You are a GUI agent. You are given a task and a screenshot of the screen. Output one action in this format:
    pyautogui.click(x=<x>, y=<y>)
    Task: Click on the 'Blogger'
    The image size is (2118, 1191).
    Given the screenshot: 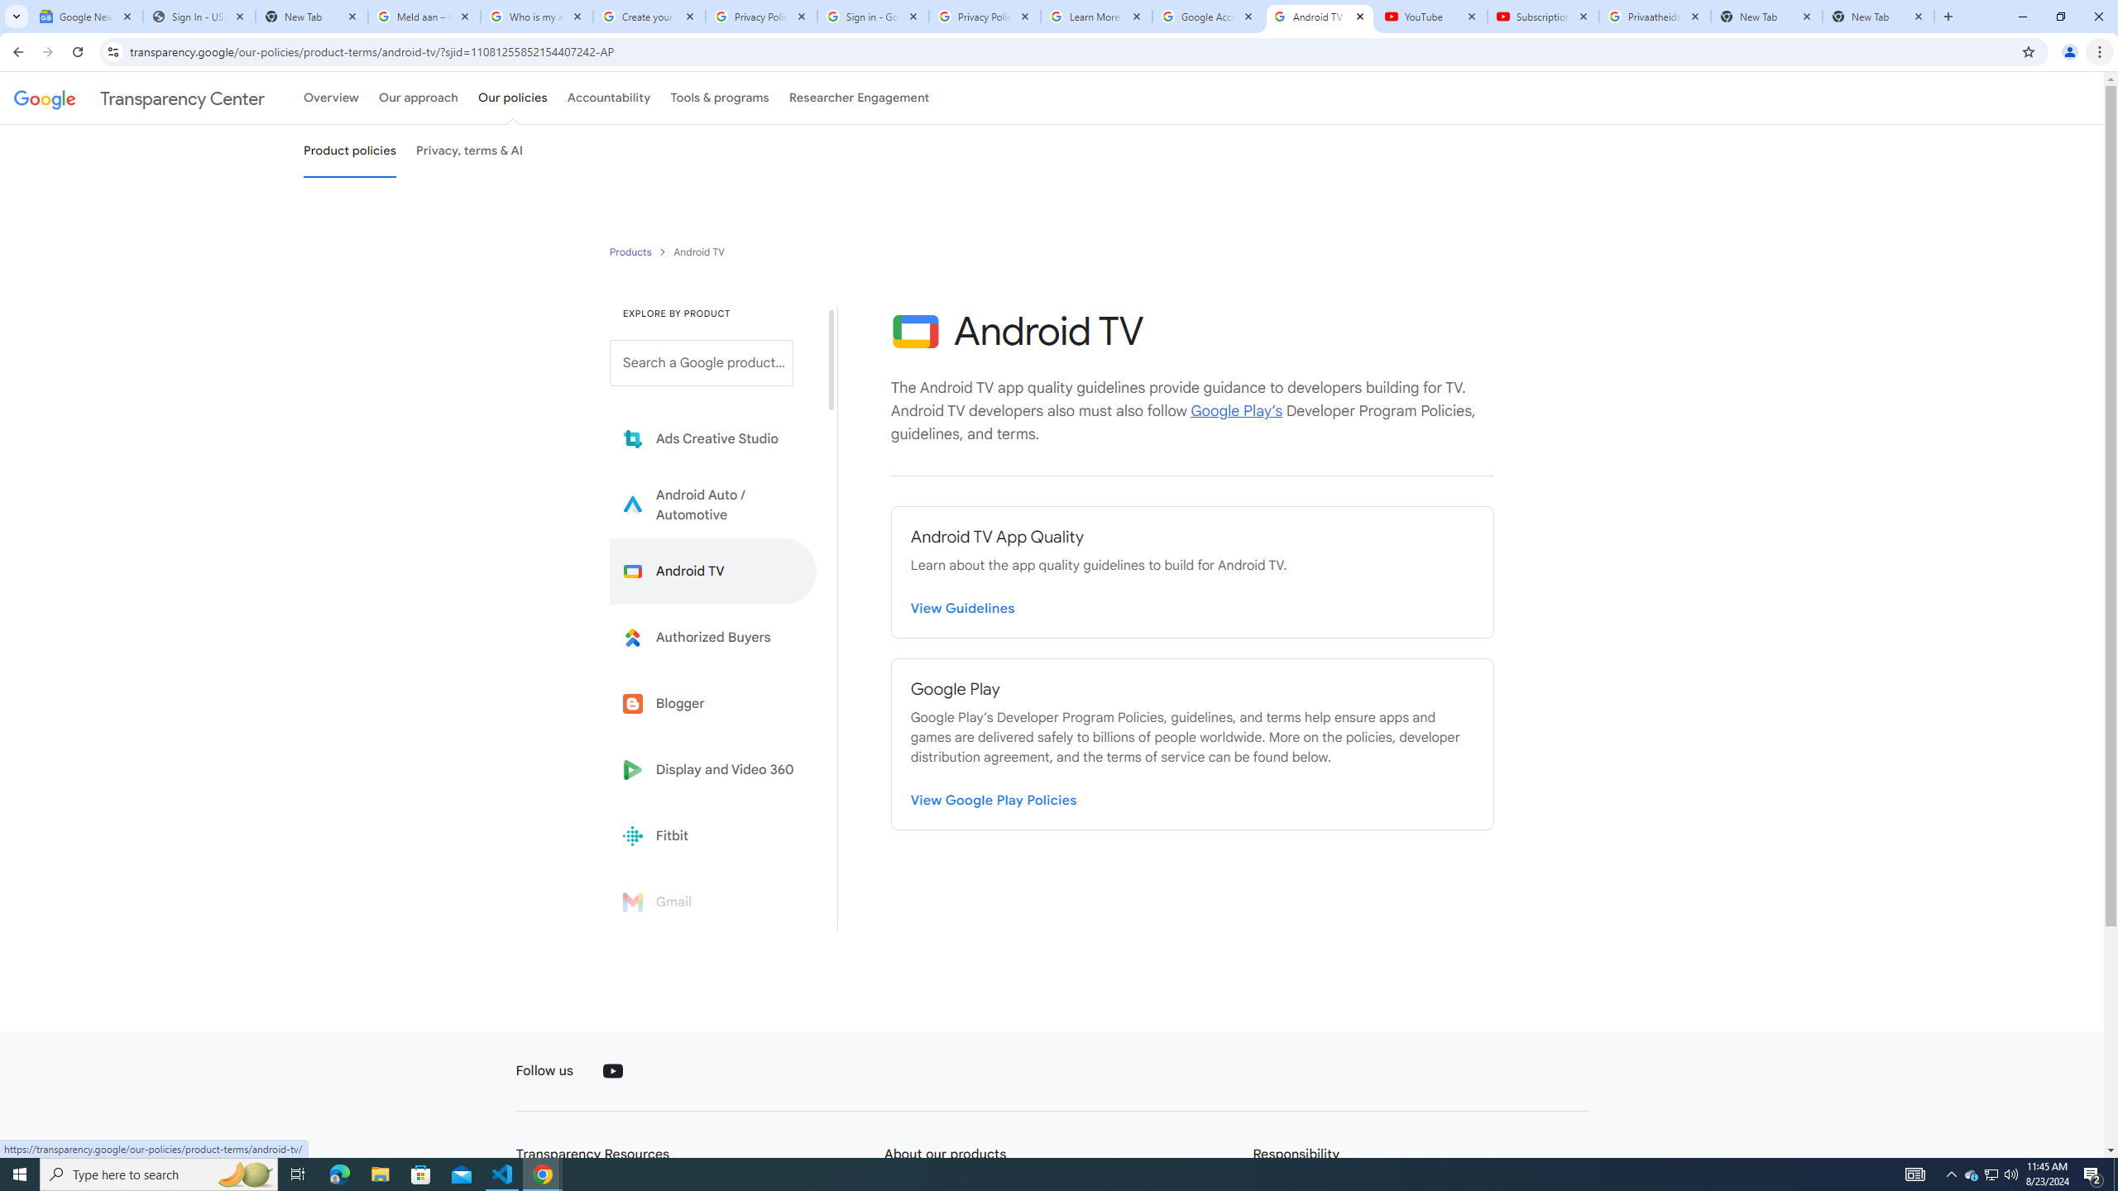 What is the action you would take?
    pyautogui.click(x=712, y=703)
    